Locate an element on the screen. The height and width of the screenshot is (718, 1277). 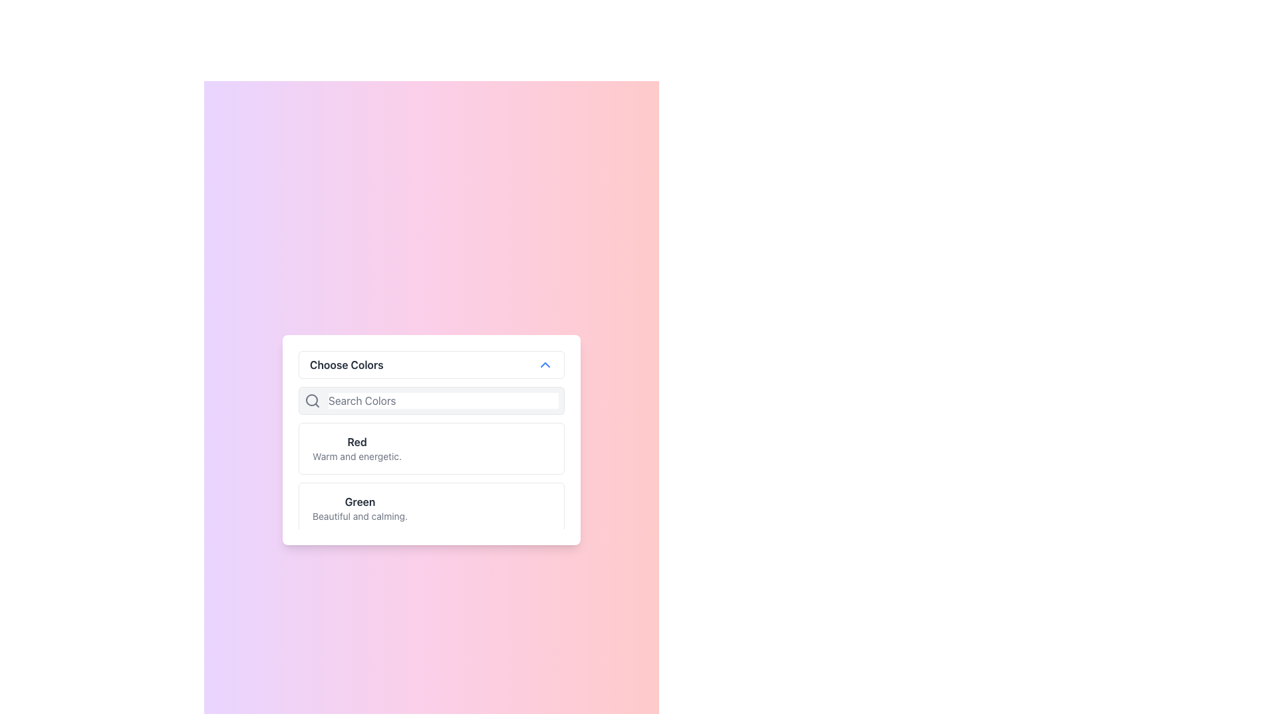
the text element reading 'Beautiful and calming.' is located at coordinates (360, 515).